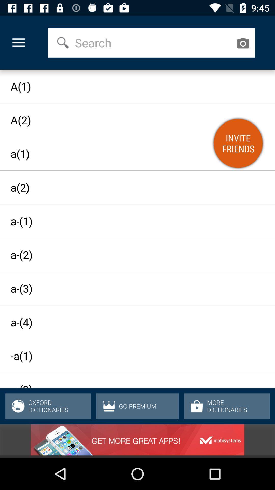  What do you see at coordinates (132, 288) in the screenshot?
I see `the a-(3) icon` at bounding box center [132, 288].